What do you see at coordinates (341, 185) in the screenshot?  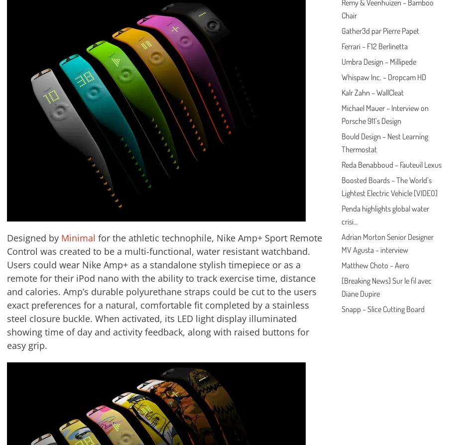 I see `'Boosted Boards – The World’s Lightest Electric Vehicle [VIDEO]'` at bounding box center [341, 185].